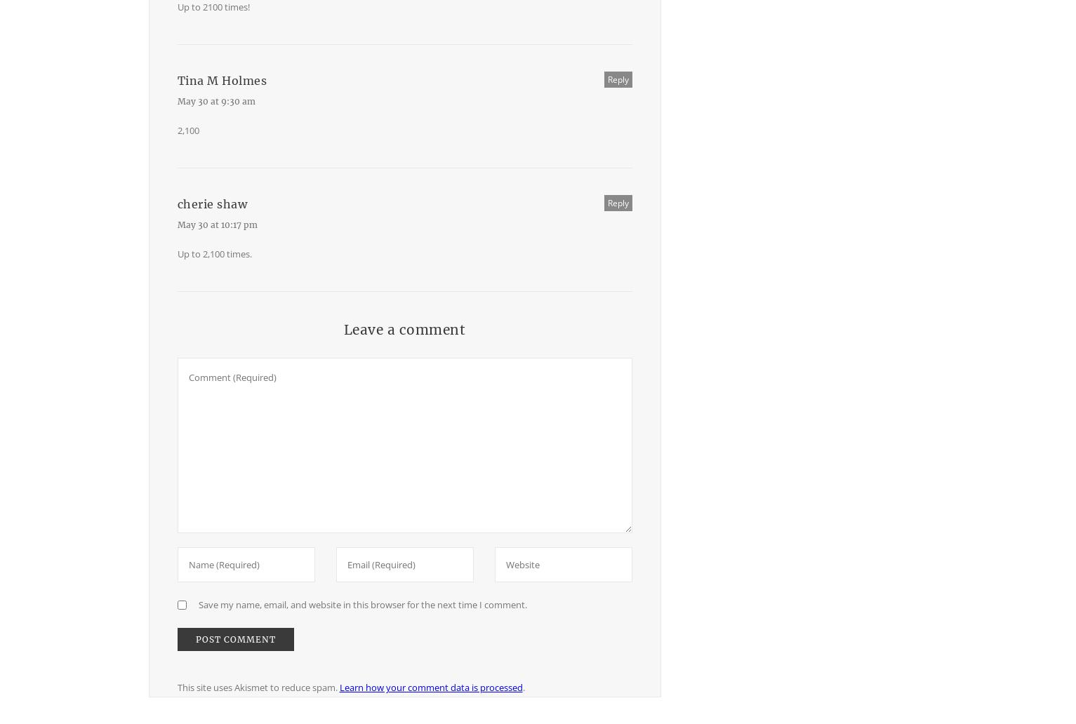 This screenshot has height=724, width=1076. What do you see at coordinates (213, 7) in the screenshot?
I see `'Up to 2100 times!'` at bounding box center [213, 7].